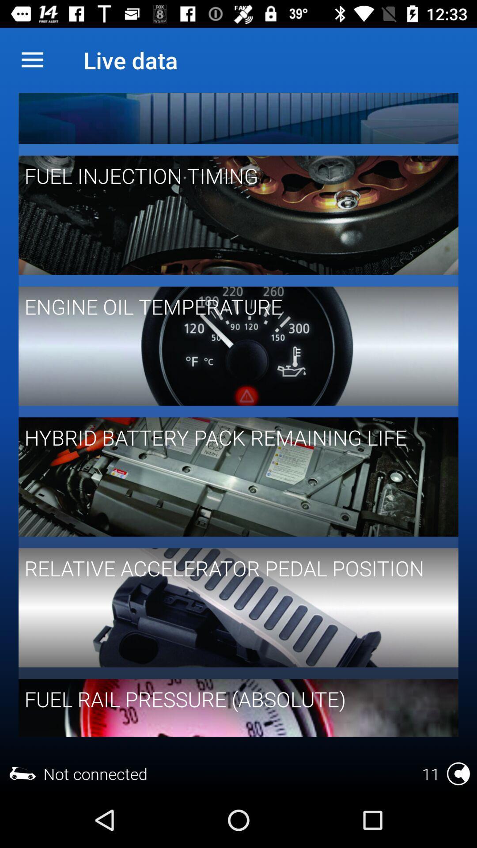 Image resolution: width=477 pixels, height=848 pixels. Describe the element at coordinates (32, 60) in the screenshot. I see `the icon next to the live data` at that location.